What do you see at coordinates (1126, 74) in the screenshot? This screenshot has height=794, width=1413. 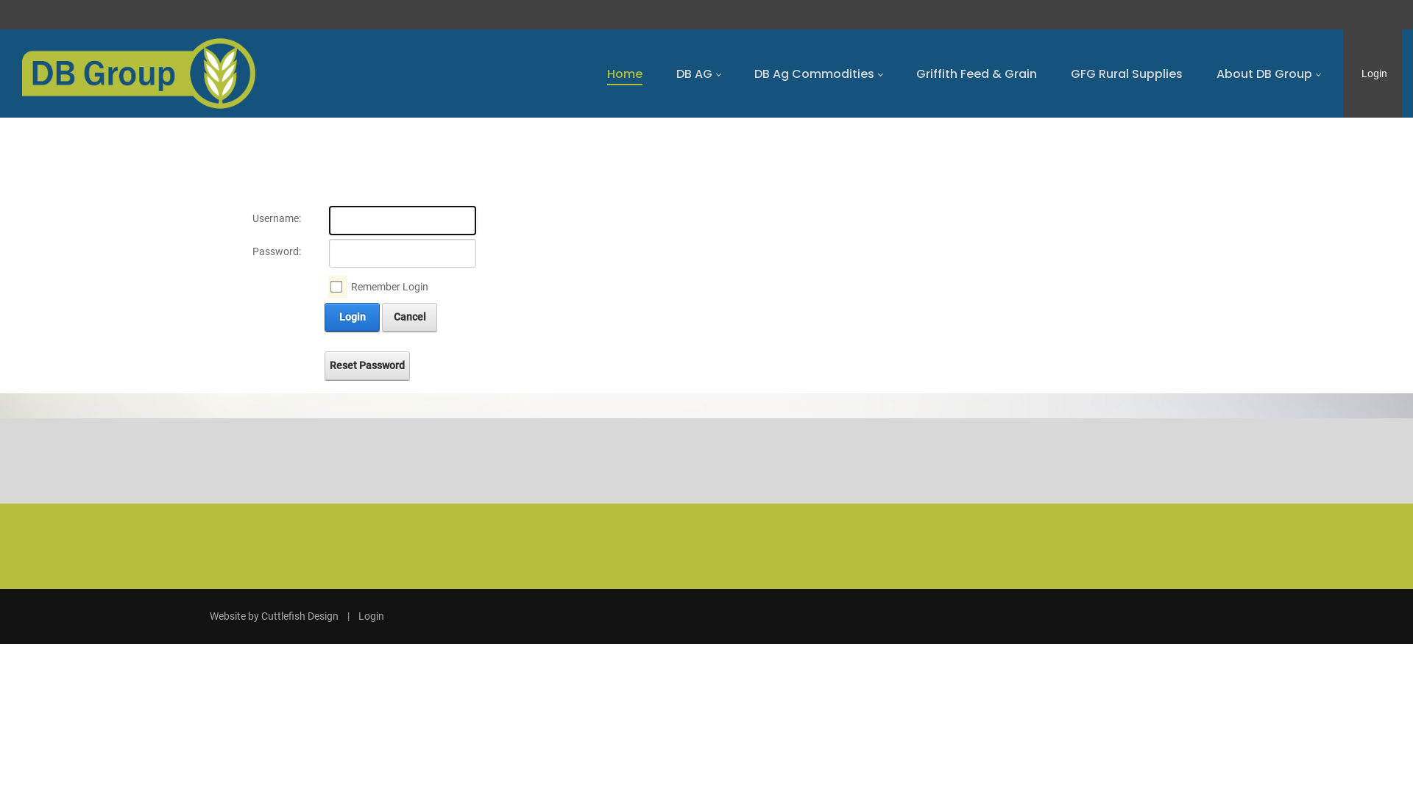 I see `'GFG Rural Supplies'` at bounding box center [1126, 74].